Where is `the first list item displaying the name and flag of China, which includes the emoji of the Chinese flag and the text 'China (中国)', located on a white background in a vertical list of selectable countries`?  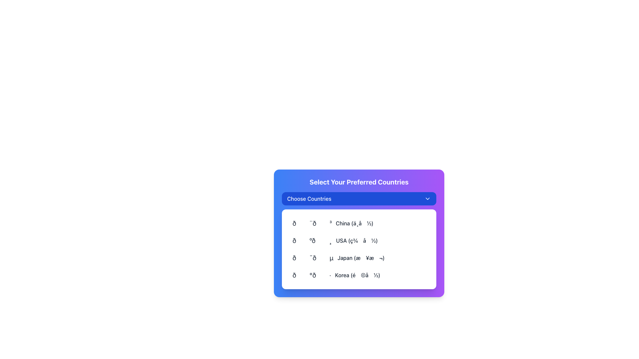 the first list item displaying the name and flag of China, which includes the emoji of the Chinese flag and the text 'China (中国)', located on a white background in a vertical list of selectable countries is located at coordinates (359, 223).